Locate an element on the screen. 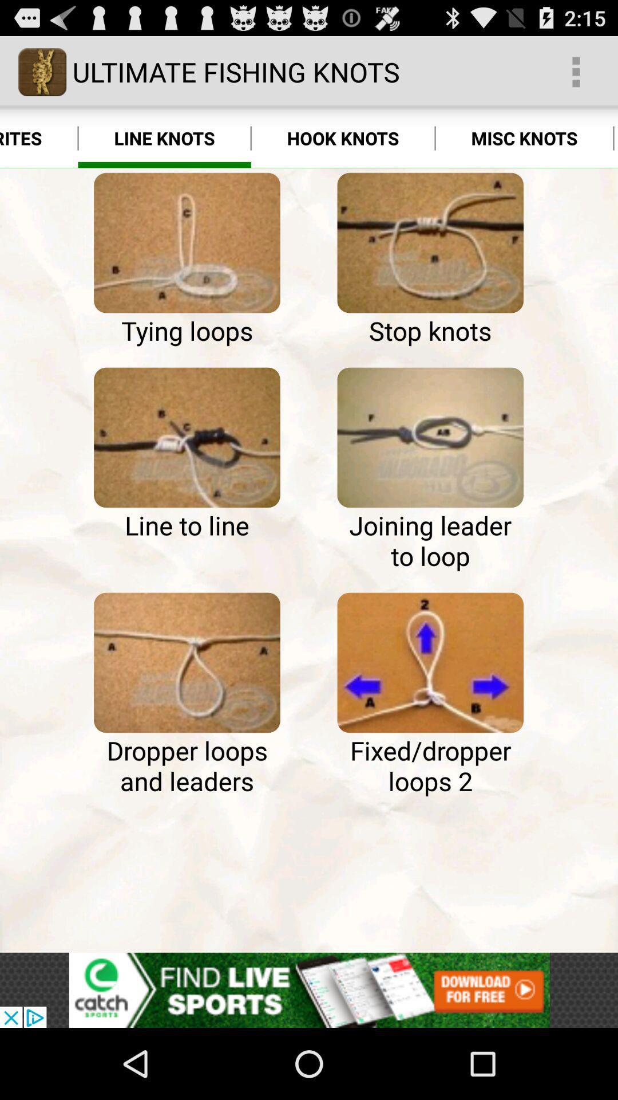  picture is located at coordinates (187, 242).